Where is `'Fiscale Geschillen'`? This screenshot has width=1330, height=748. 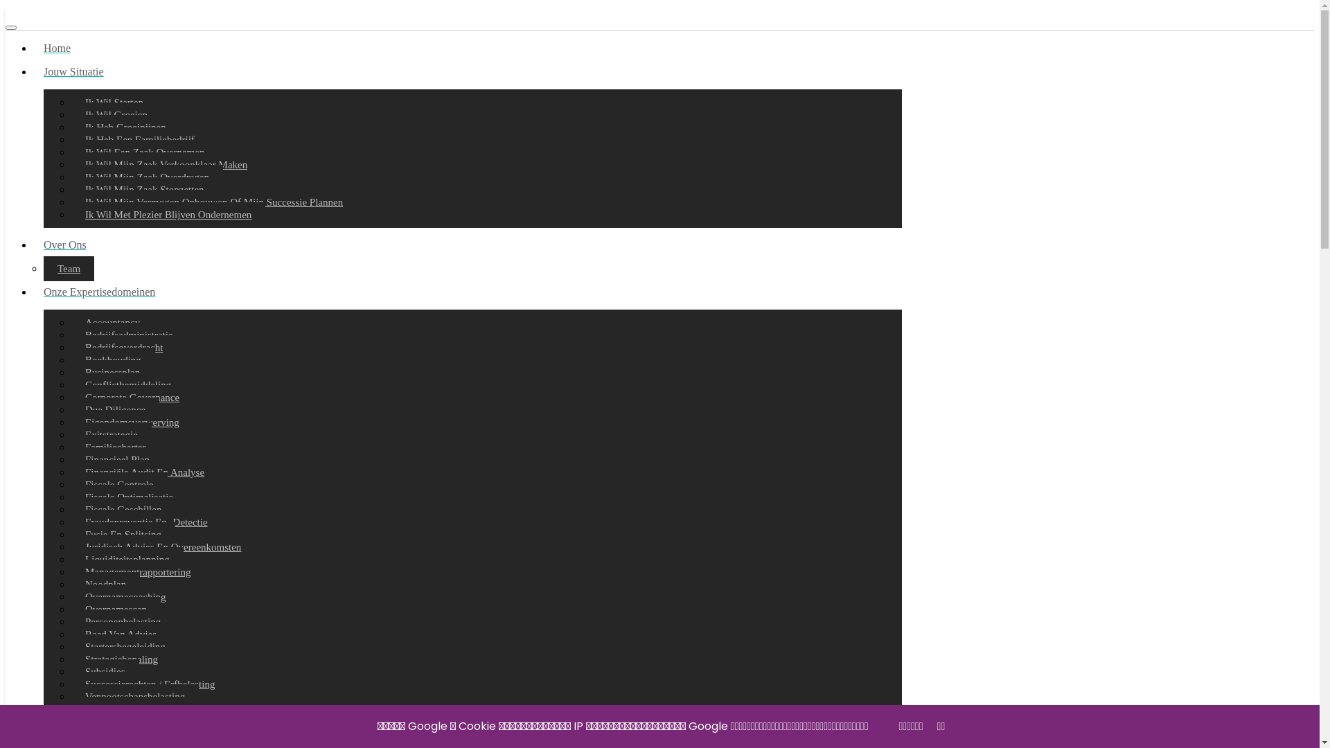
'Fiscale Geschillen' is located at coordinates (123, 510).